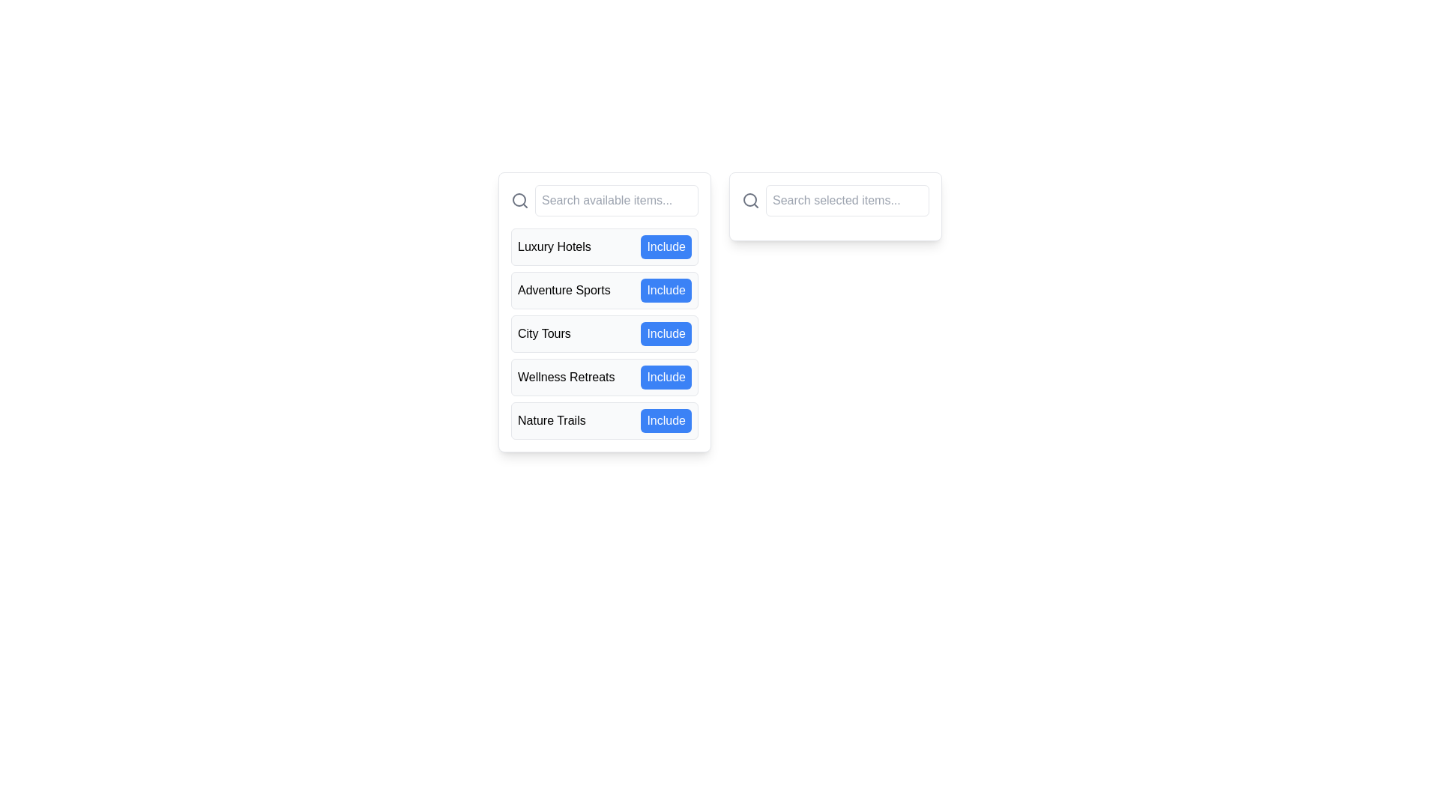 The image size is (1439, 809). I want to click on the text input field, which is positioned to the right of a magnifying glass icon and is designed for text input to search or filter items, to provide visual feedback, so click(848, 199).